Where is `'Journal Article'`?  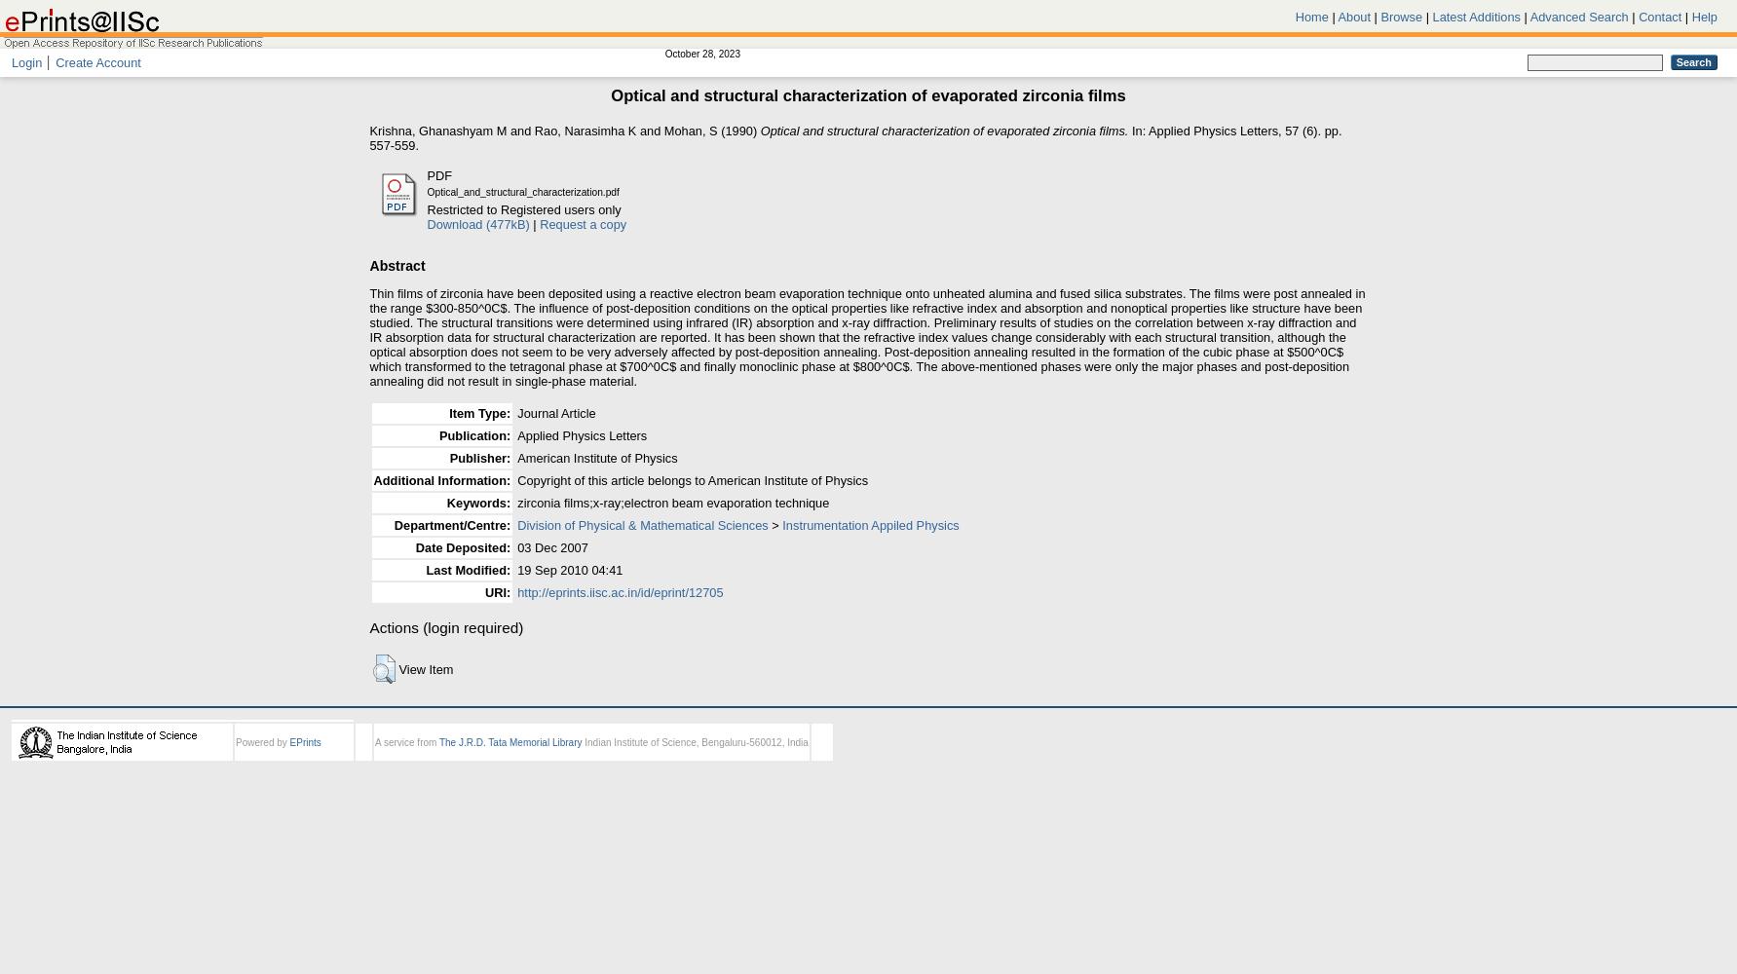 'Journal Article' is located at coordinates (515, 412).